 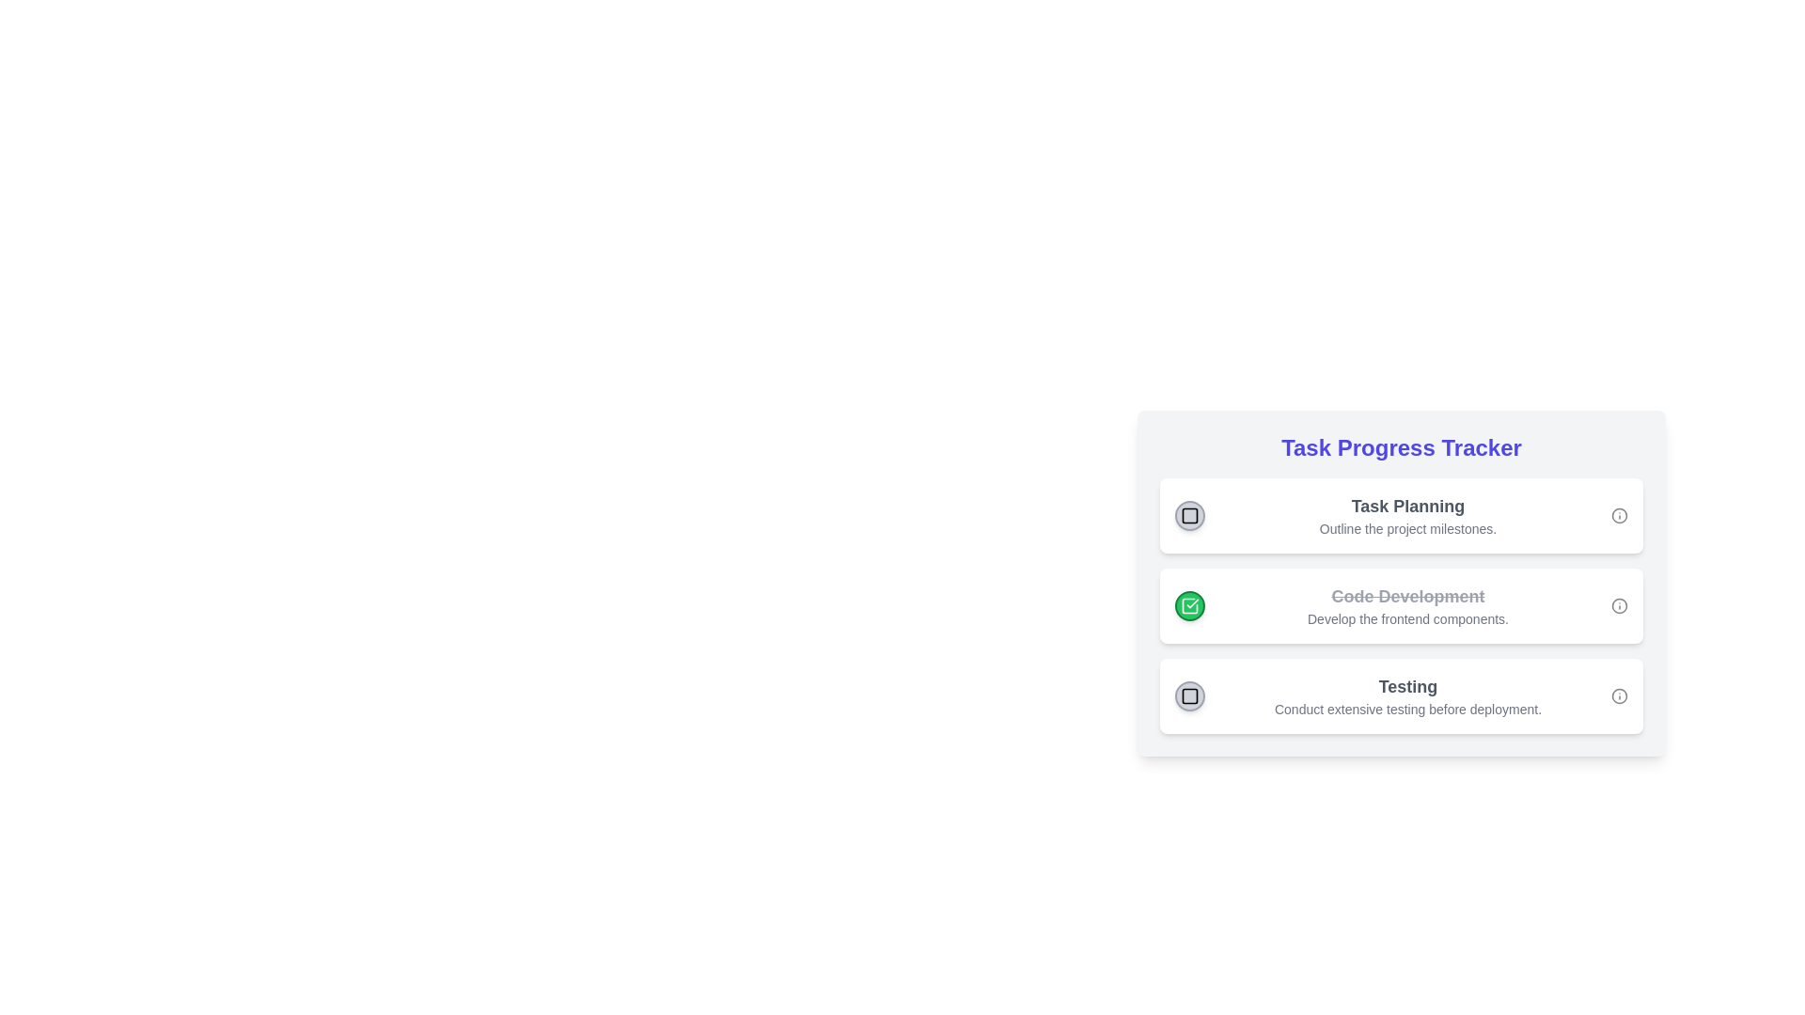 I want to click on the Textual Information Display that contains the title 'Testing' and the description 'Conduct extensive testing before deployment.', so click(x=1407, y=695).